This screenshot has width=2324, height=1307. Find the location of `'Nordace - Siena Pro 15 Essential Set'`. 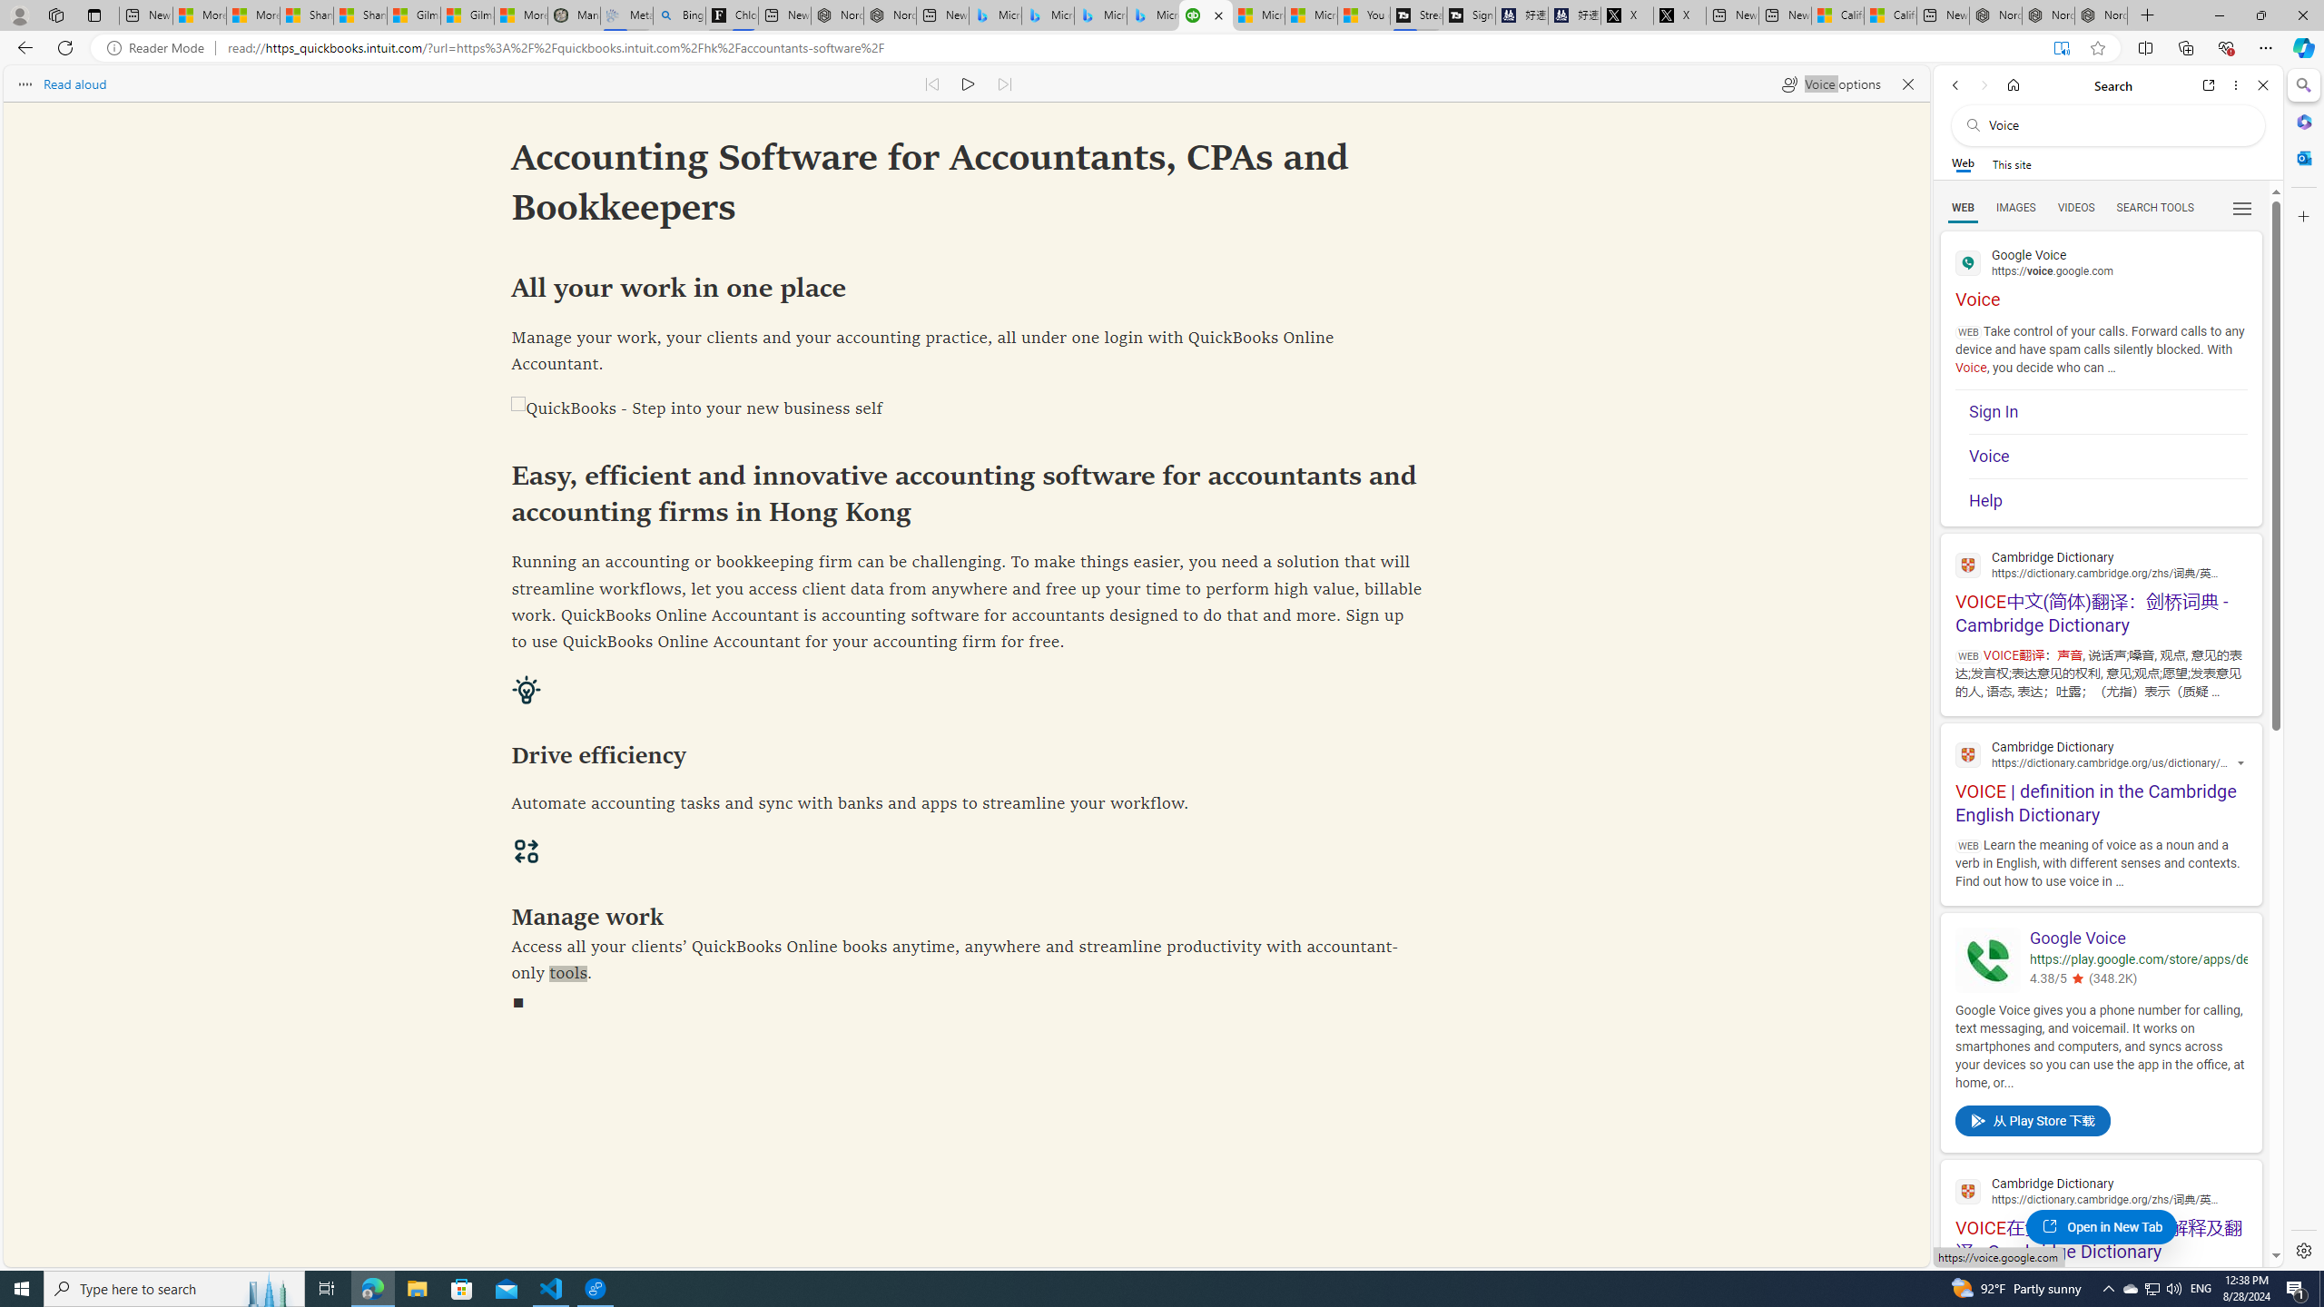

'Nordace - Siena Pro 15 Essential Set' is located at coordinates (2101, 15).